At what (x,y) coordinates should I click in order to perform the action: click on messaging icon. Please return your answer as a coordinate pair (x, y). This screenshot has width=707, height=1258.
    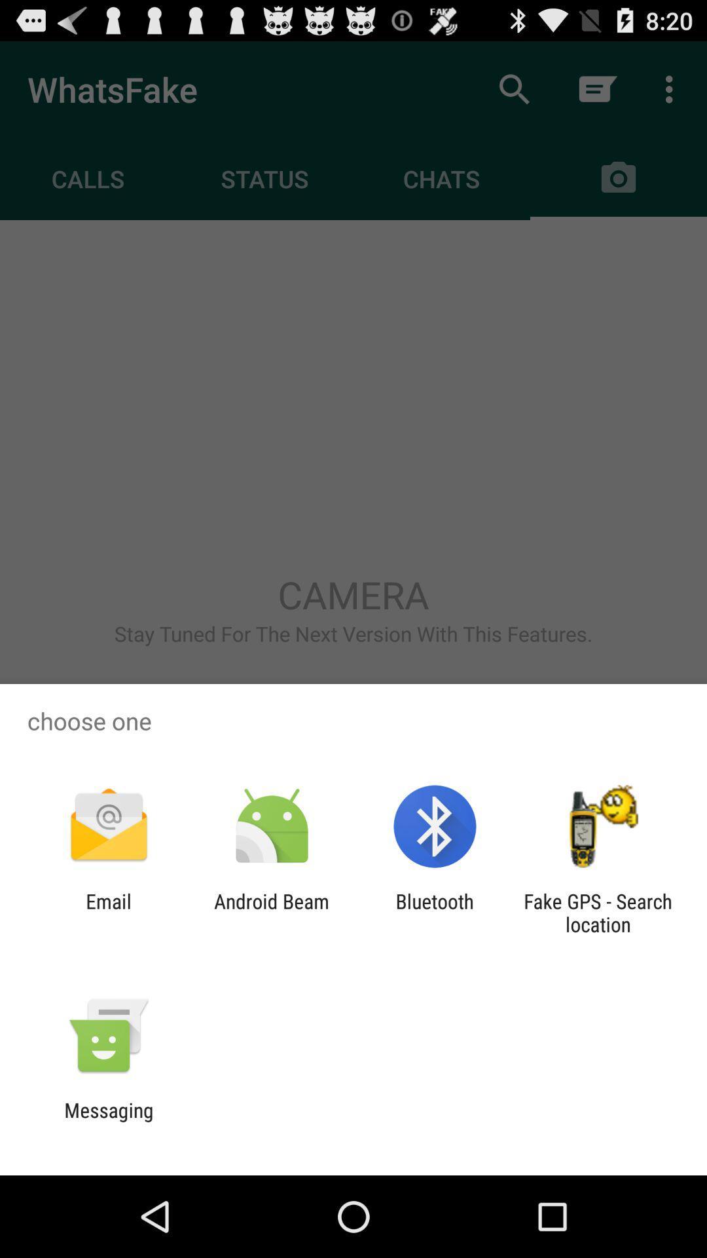
    Looking at the image, I should click on (108, 1121).